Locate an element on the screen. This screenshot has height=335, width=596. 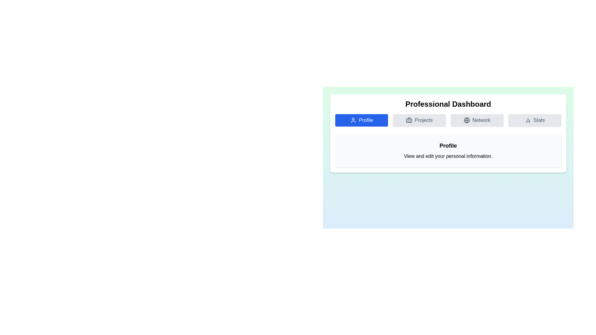
the tab labeled Projects is located at coordinates (419, 120).